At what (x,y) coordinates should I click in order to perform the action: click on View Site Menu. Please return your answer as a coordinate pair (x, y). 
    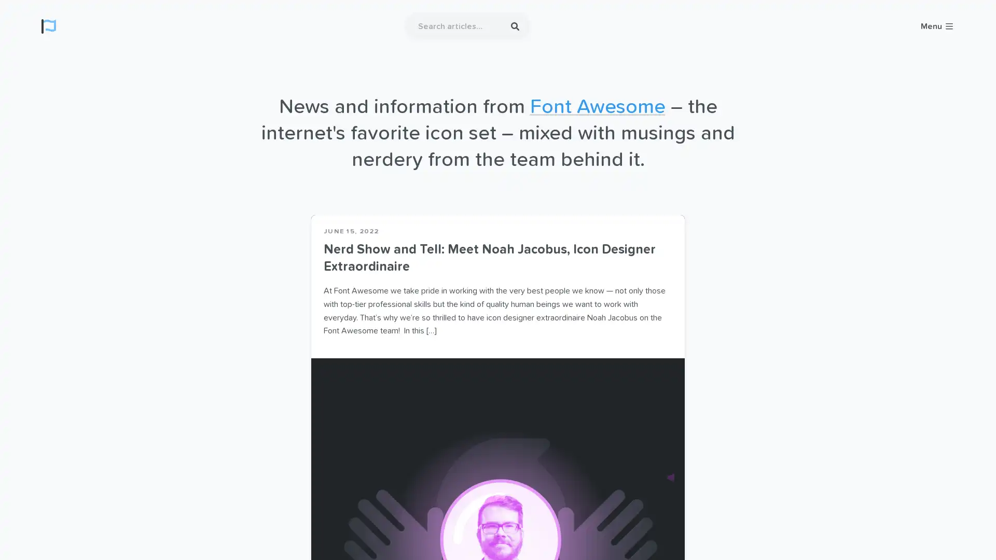
    Looking at the image, I should click on (937, 25).